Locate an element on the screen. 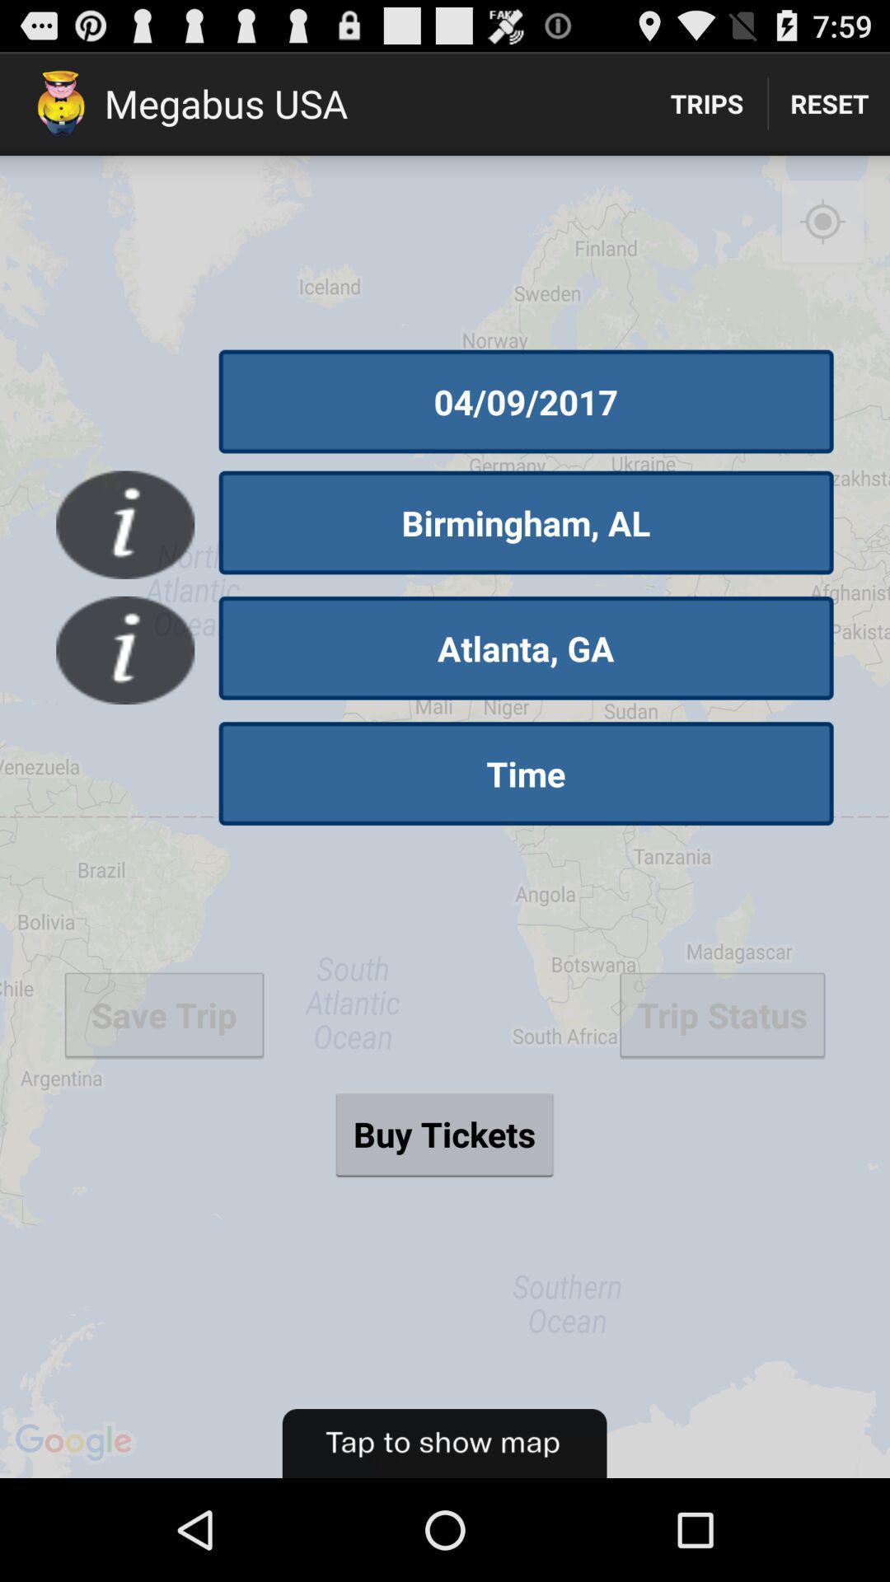  reset icon is located at coordinates (829, 102).